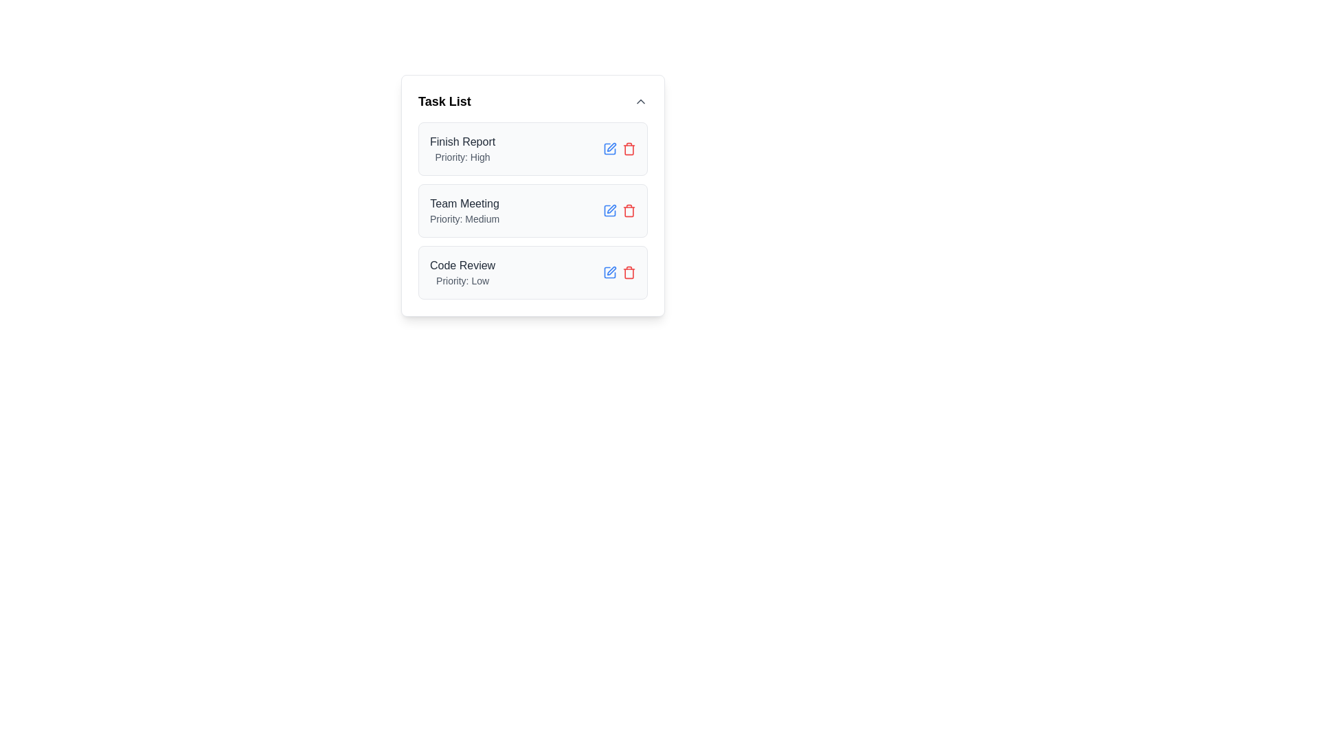 This screenshot has width=1319, height=742. What do you see at coordinates (464, 211) in the screenshot?
I see `the Text Block displaying the task title 'Team Meeting' with priority level 'Medium', located in the second task item of the task list` at bounding box center [464, 211].